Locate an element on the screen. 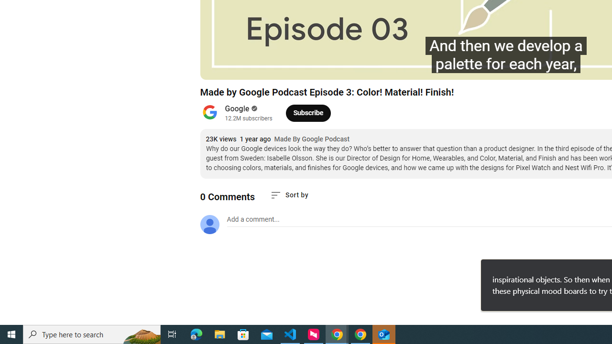 This screenshot has width=612, height=344. 'AutomationID: simplebox-placeholder' is located at coordinates (253, 219).